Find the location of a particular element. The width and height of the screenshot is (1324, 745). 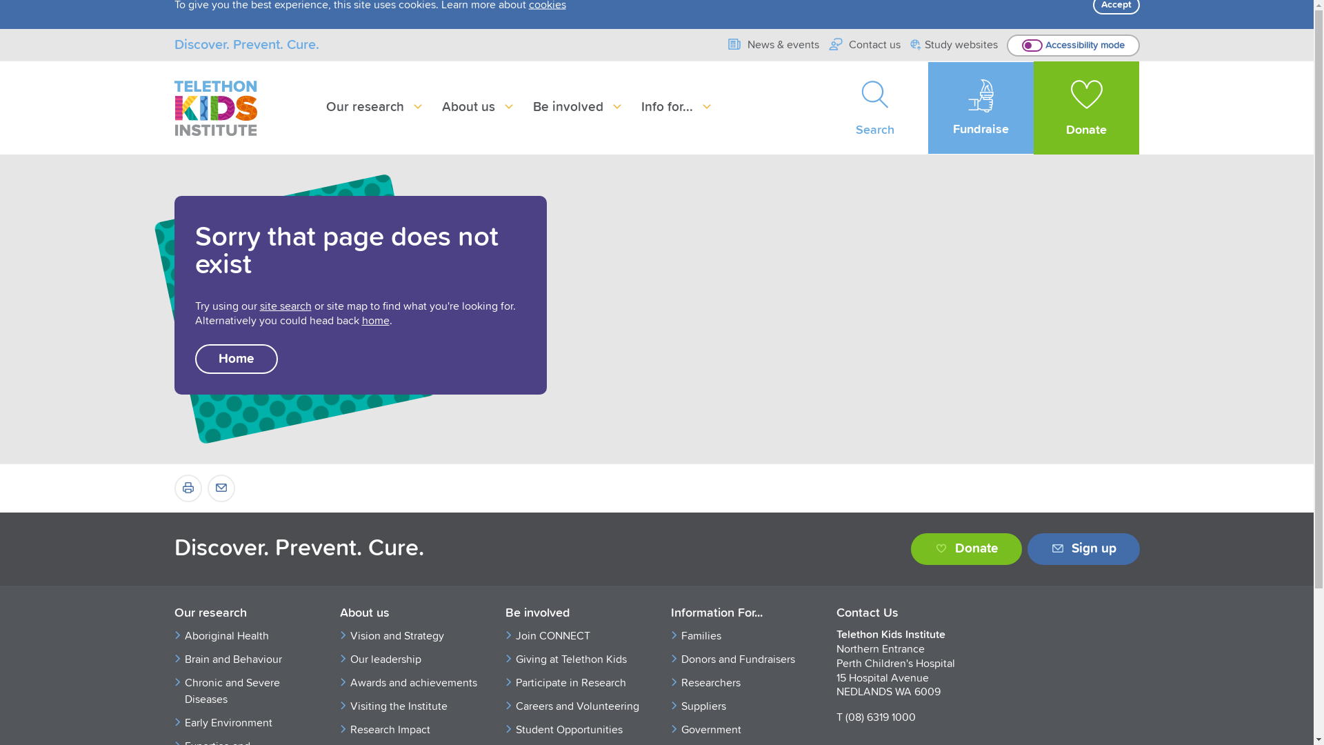

'Information For...' is located at coordinates (738, 613).